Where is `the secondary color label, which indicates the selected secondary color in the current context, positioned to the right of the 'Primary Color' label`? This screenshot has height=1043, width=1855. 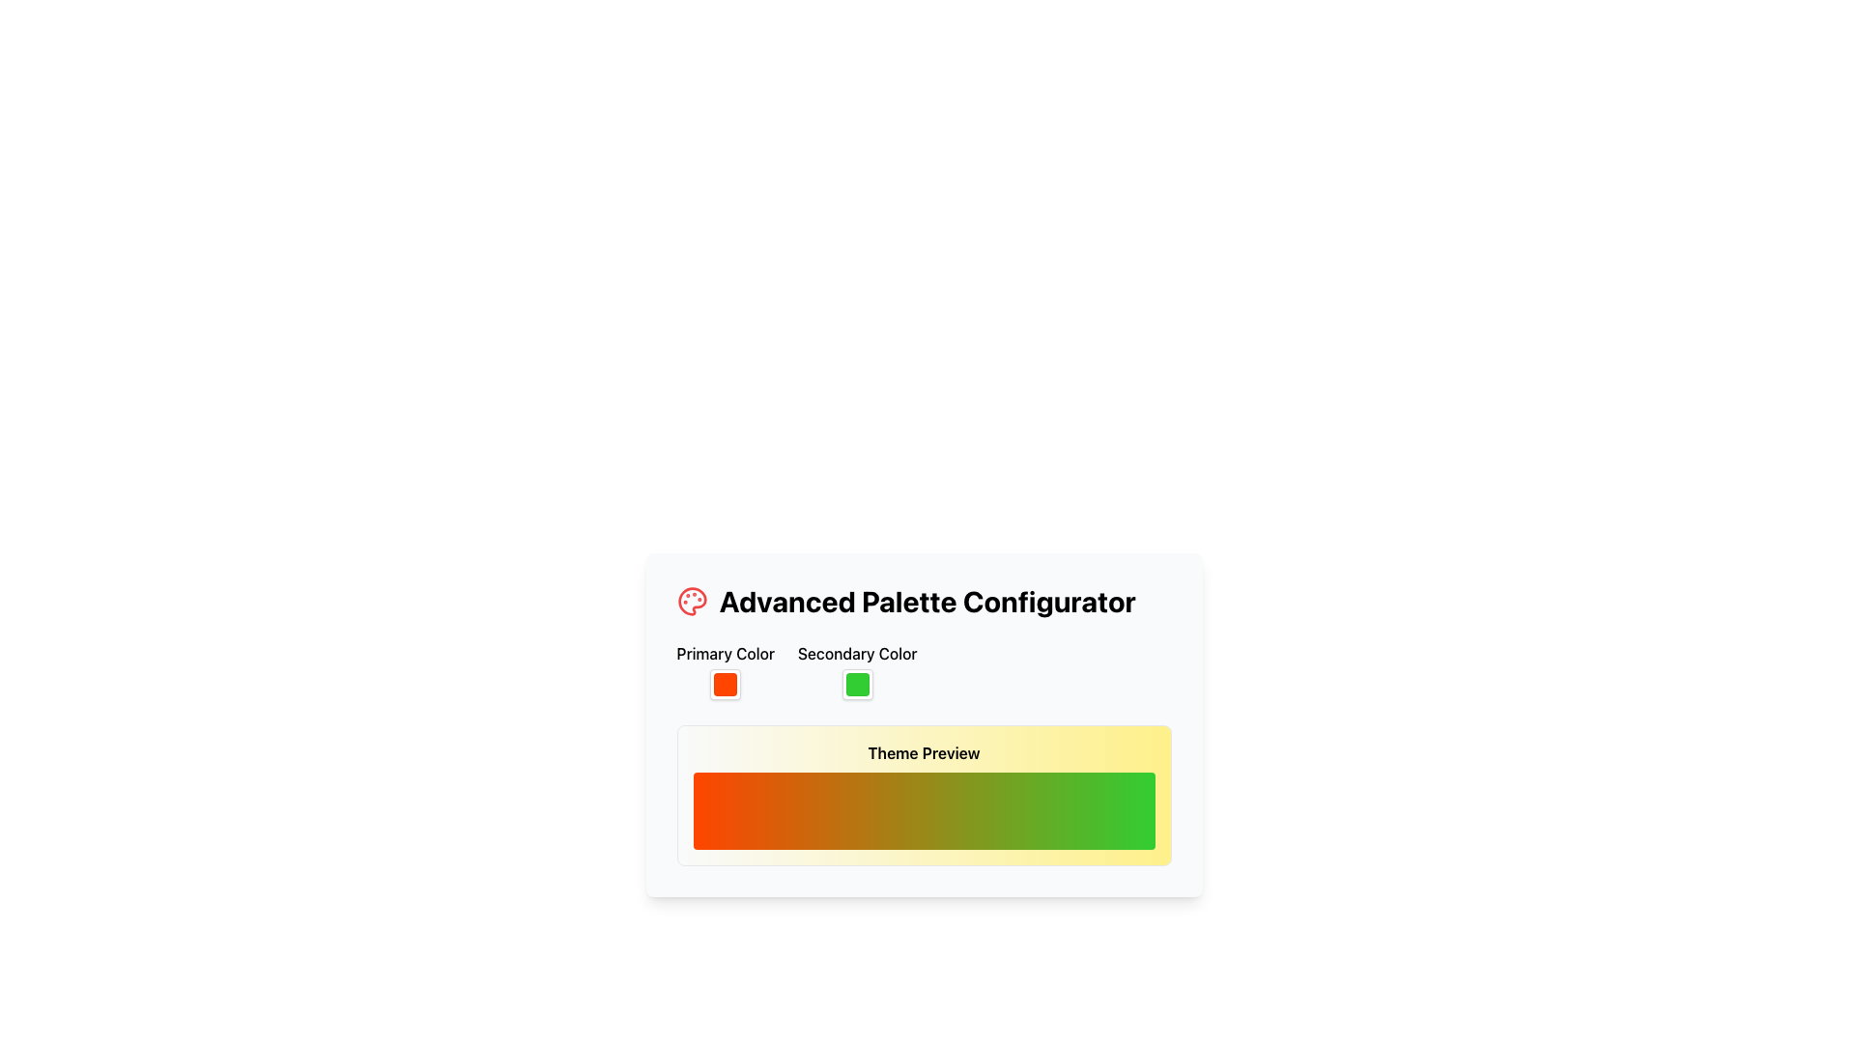 the secondary color label, which indicates the selected secondary color in the current context, positioned to the right of the 'Primary Color' label is located at coordinates (856, 670).